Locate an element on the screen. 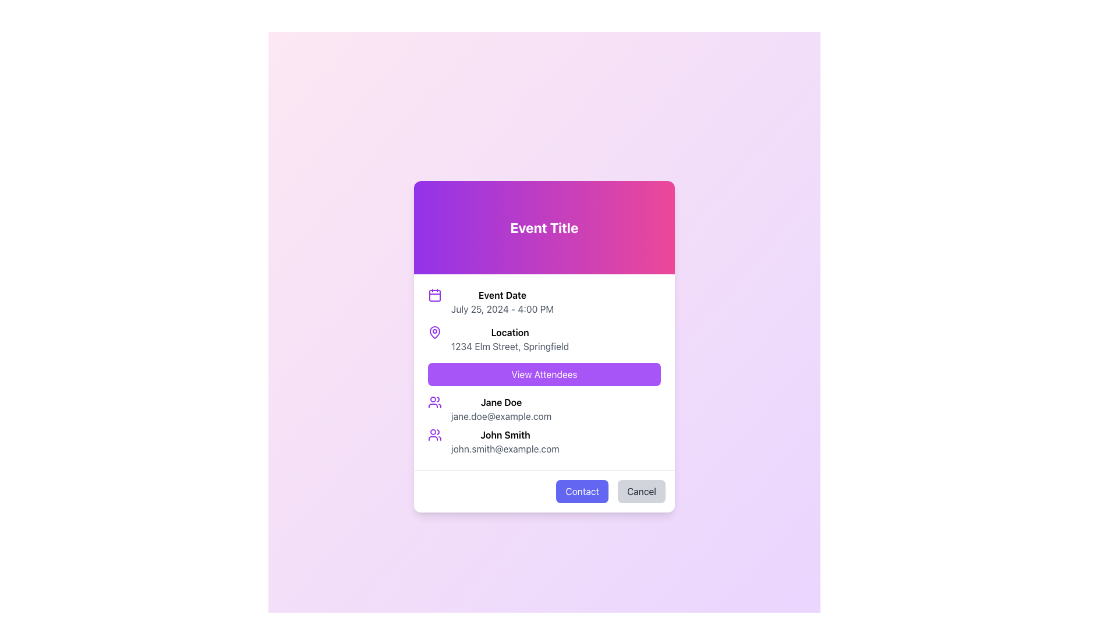 This screenshot has height=629, width=1118. the button that reveals the list of attendees for the event, located two-thirds down the modal window, horizontally centered is located at coordinates (544, 374).